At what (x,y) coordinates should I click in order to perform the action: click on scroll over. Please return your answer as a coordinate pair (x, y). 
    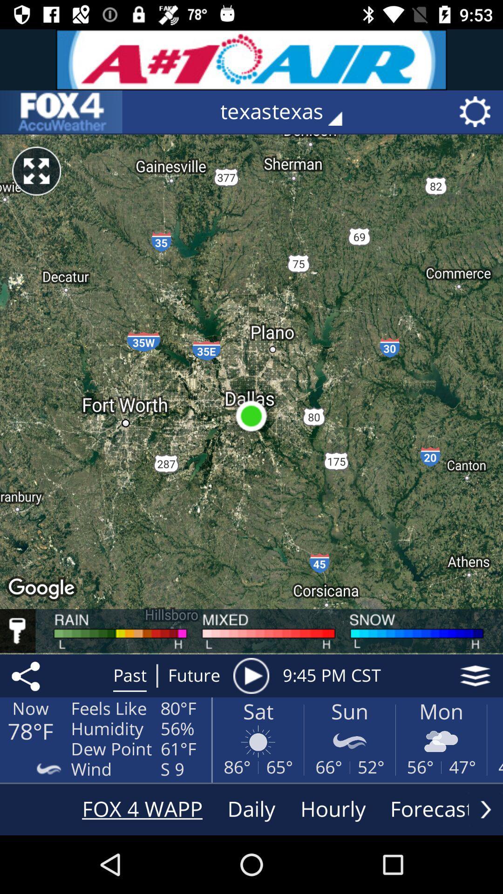
    Looking at the image, I should click on (485, 809).